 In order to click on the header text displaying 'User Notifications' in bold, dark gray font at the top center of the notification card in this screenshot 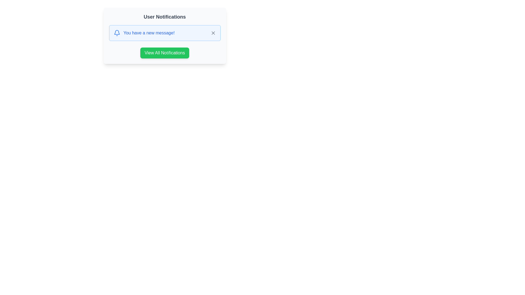, I will do `click(164, 16)`.